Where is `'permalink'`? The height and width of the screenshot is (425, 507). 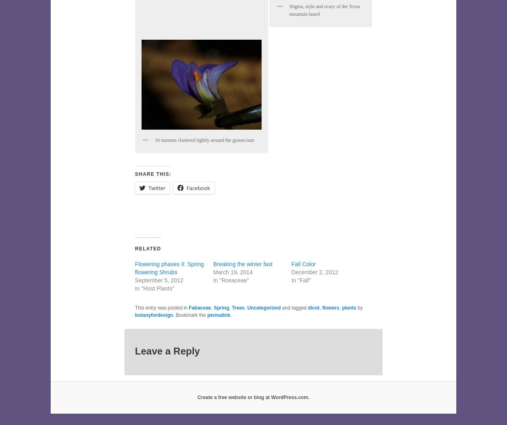
'permalink' is located at coordinates (218, 315).